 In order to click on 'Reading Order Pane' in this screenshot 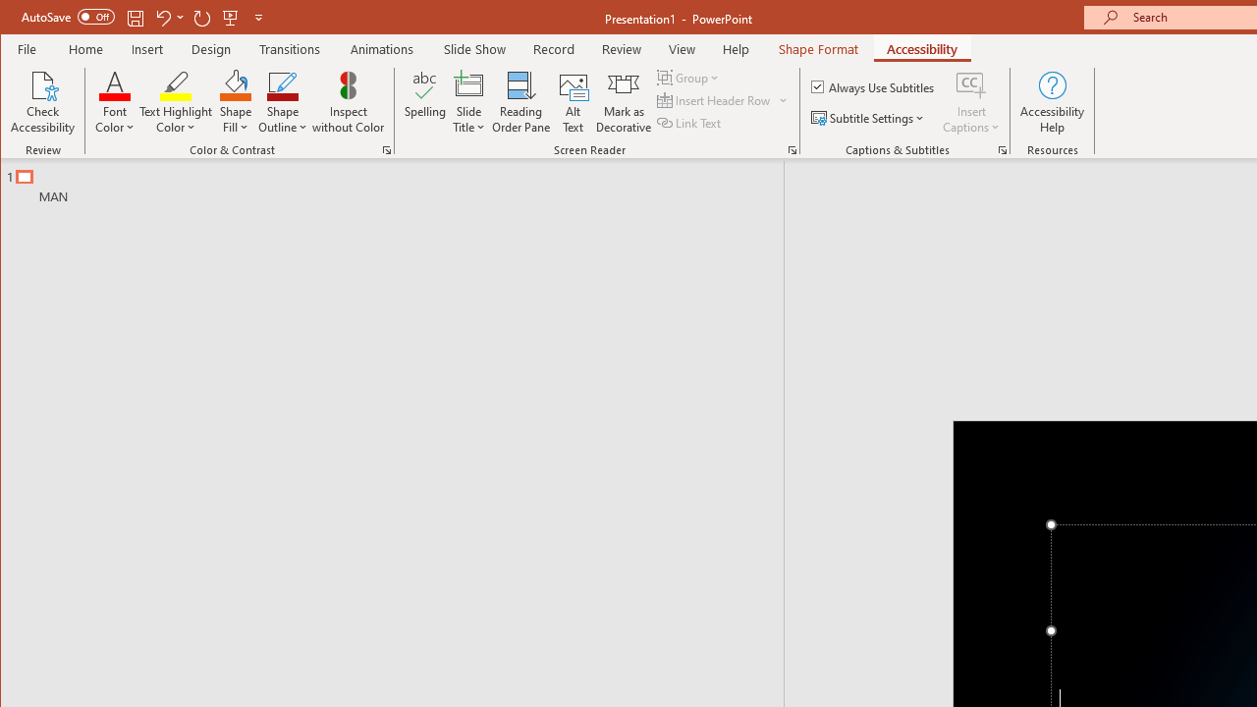, I will do `click(521, 102)`.